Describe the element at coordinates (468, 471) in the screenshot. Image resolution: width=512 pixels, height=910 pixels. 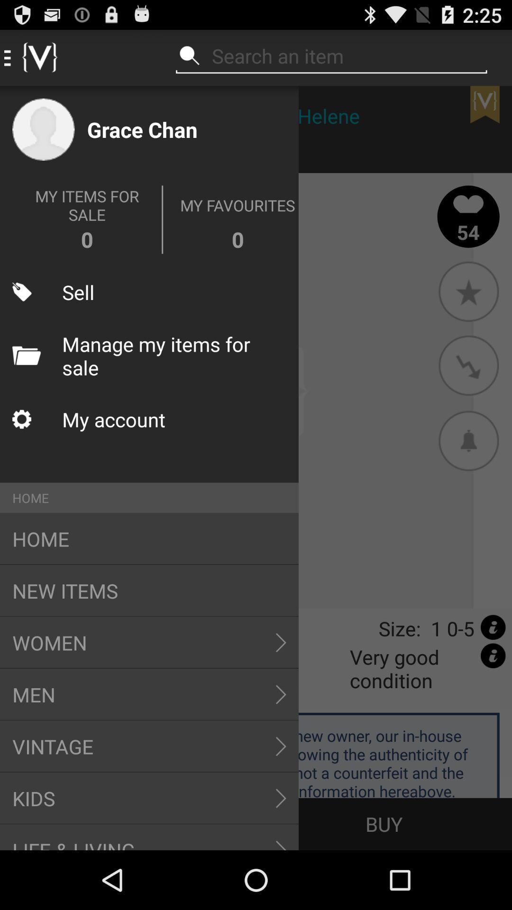
I see `the notifications icon` at that location.